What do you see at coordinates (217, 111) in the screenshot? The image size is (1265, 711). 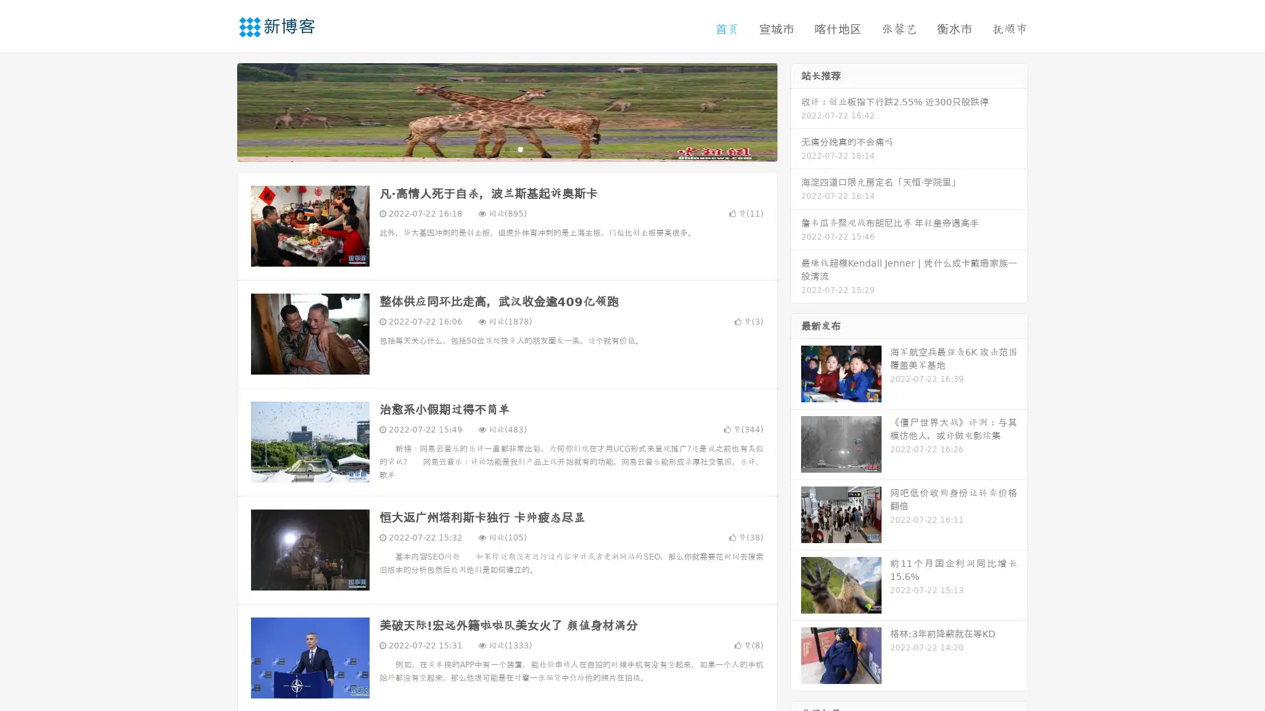 I see `Previous slide` at bounding box center [217, 111].